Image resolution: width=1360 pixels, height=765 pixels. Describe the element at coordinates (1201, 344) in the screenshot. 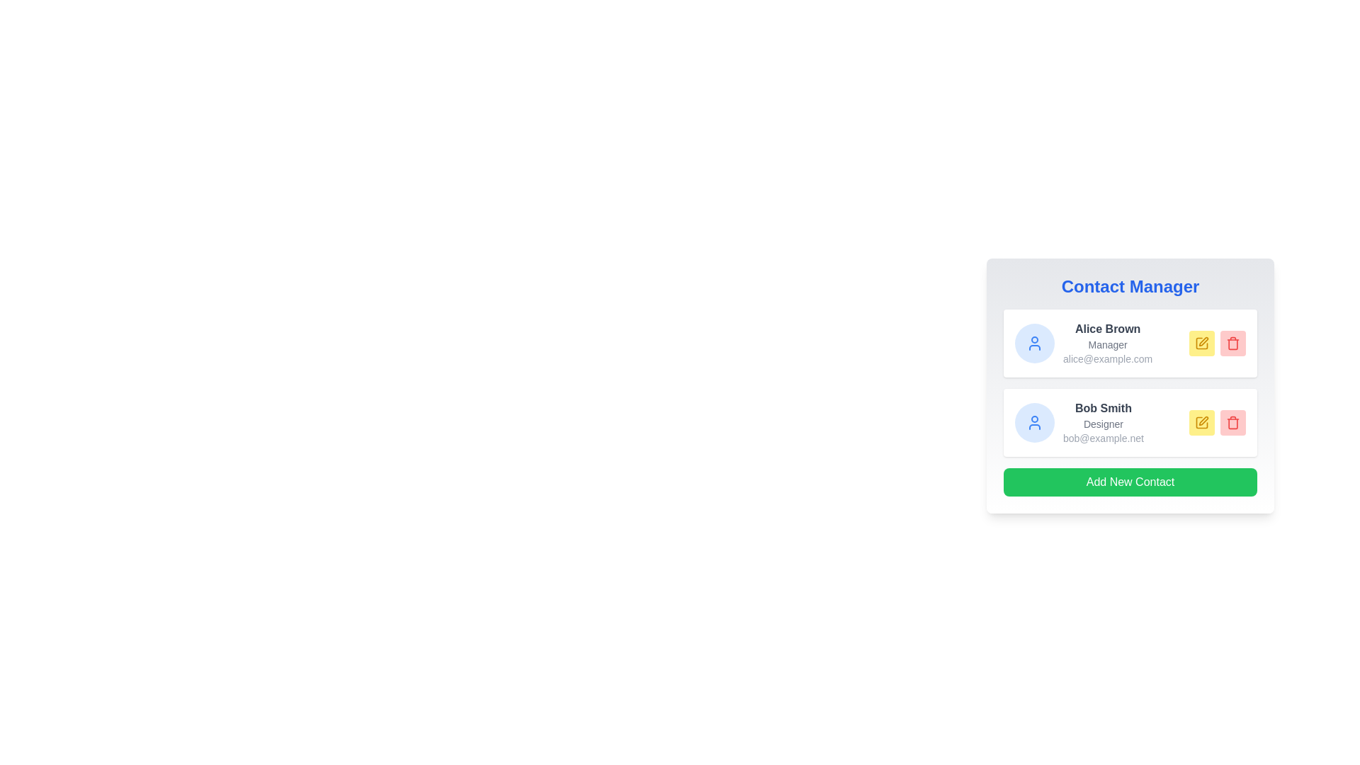

I see `'Edit' button next to the contact 'Alice Brown' to initiate editing` at that location.